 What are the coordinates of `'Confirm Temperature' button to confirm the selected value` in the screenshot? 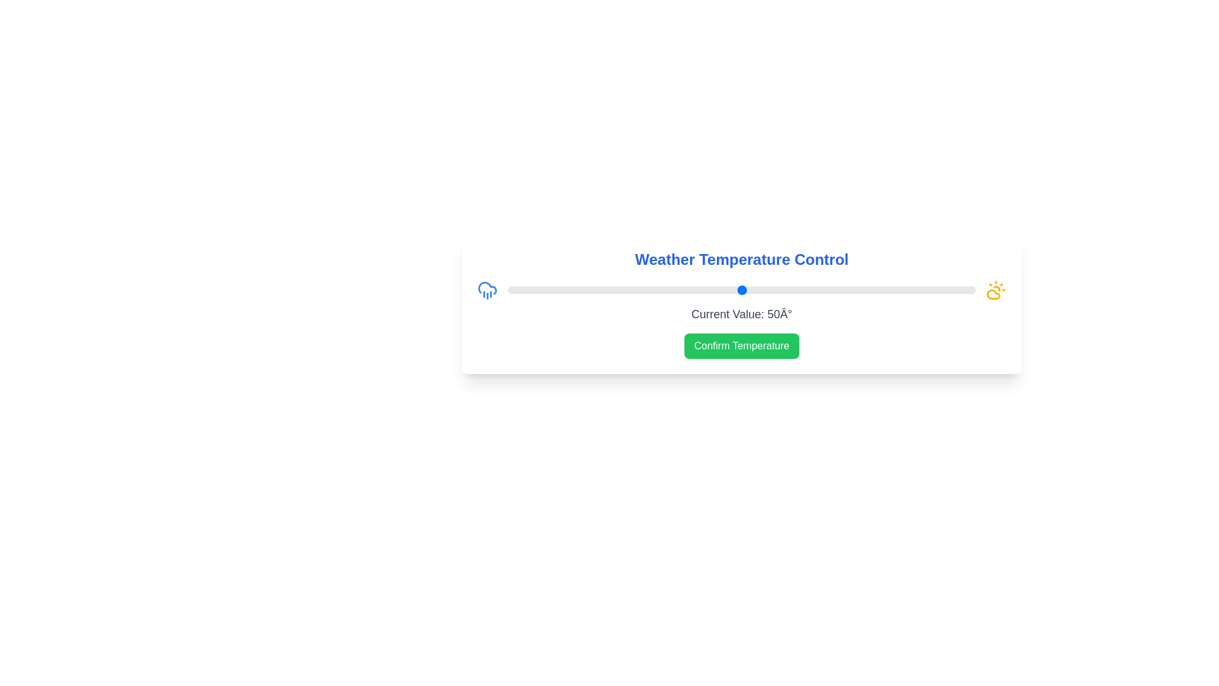 It's located at (742, 346).